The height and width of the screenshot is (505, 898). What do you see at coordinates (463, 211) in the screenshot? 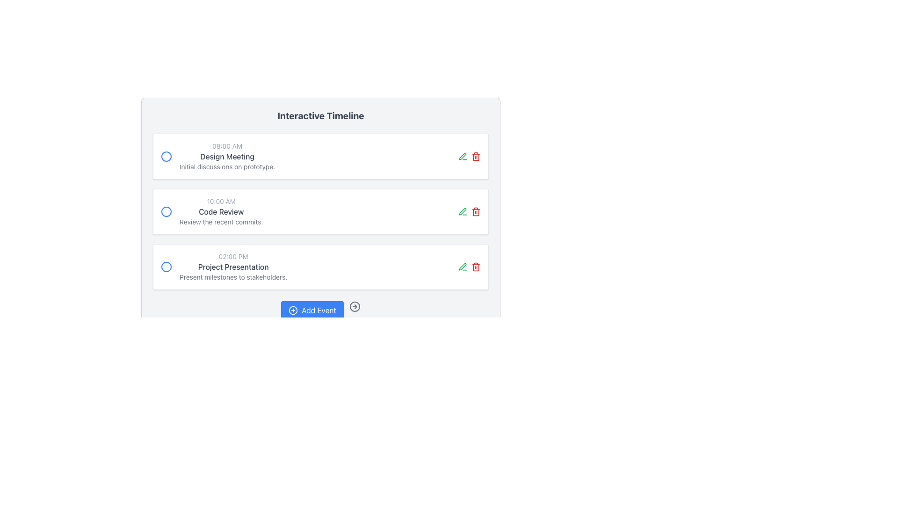
I see `the edit icon button located beside the middle event at 10:00 AM on its right-hand side to initiate the edit action` at bounding box center [463, 211].